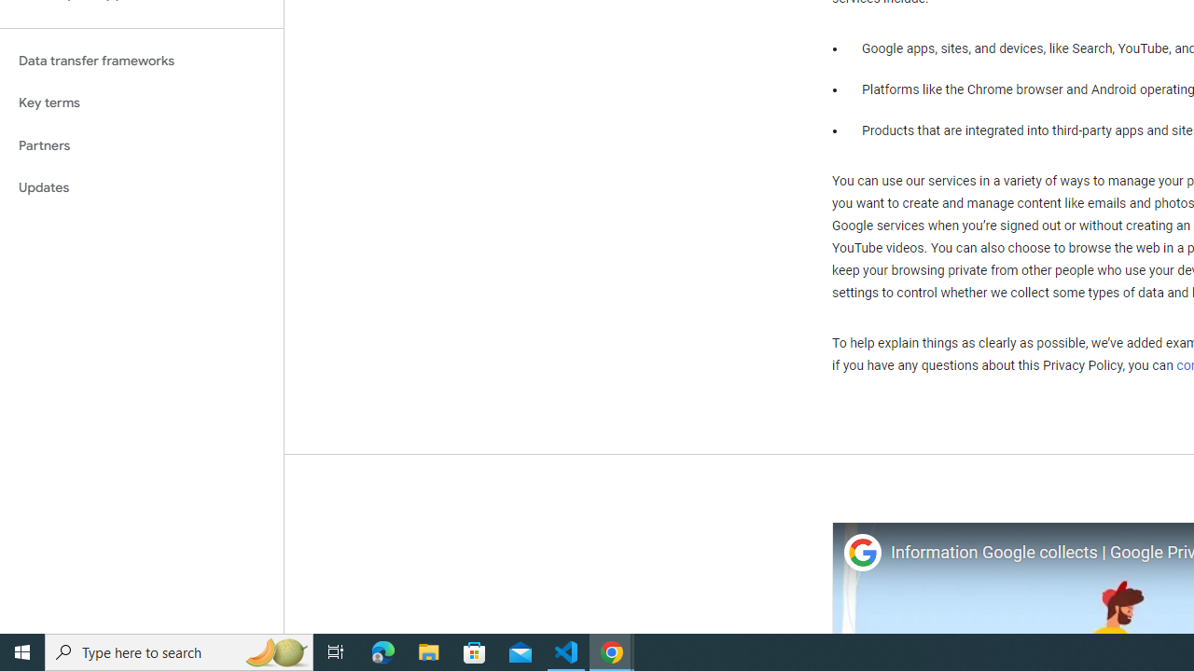 The width and height of the screenshot is (1194, 671). I want to click on 'Partners', so click(141, 144).